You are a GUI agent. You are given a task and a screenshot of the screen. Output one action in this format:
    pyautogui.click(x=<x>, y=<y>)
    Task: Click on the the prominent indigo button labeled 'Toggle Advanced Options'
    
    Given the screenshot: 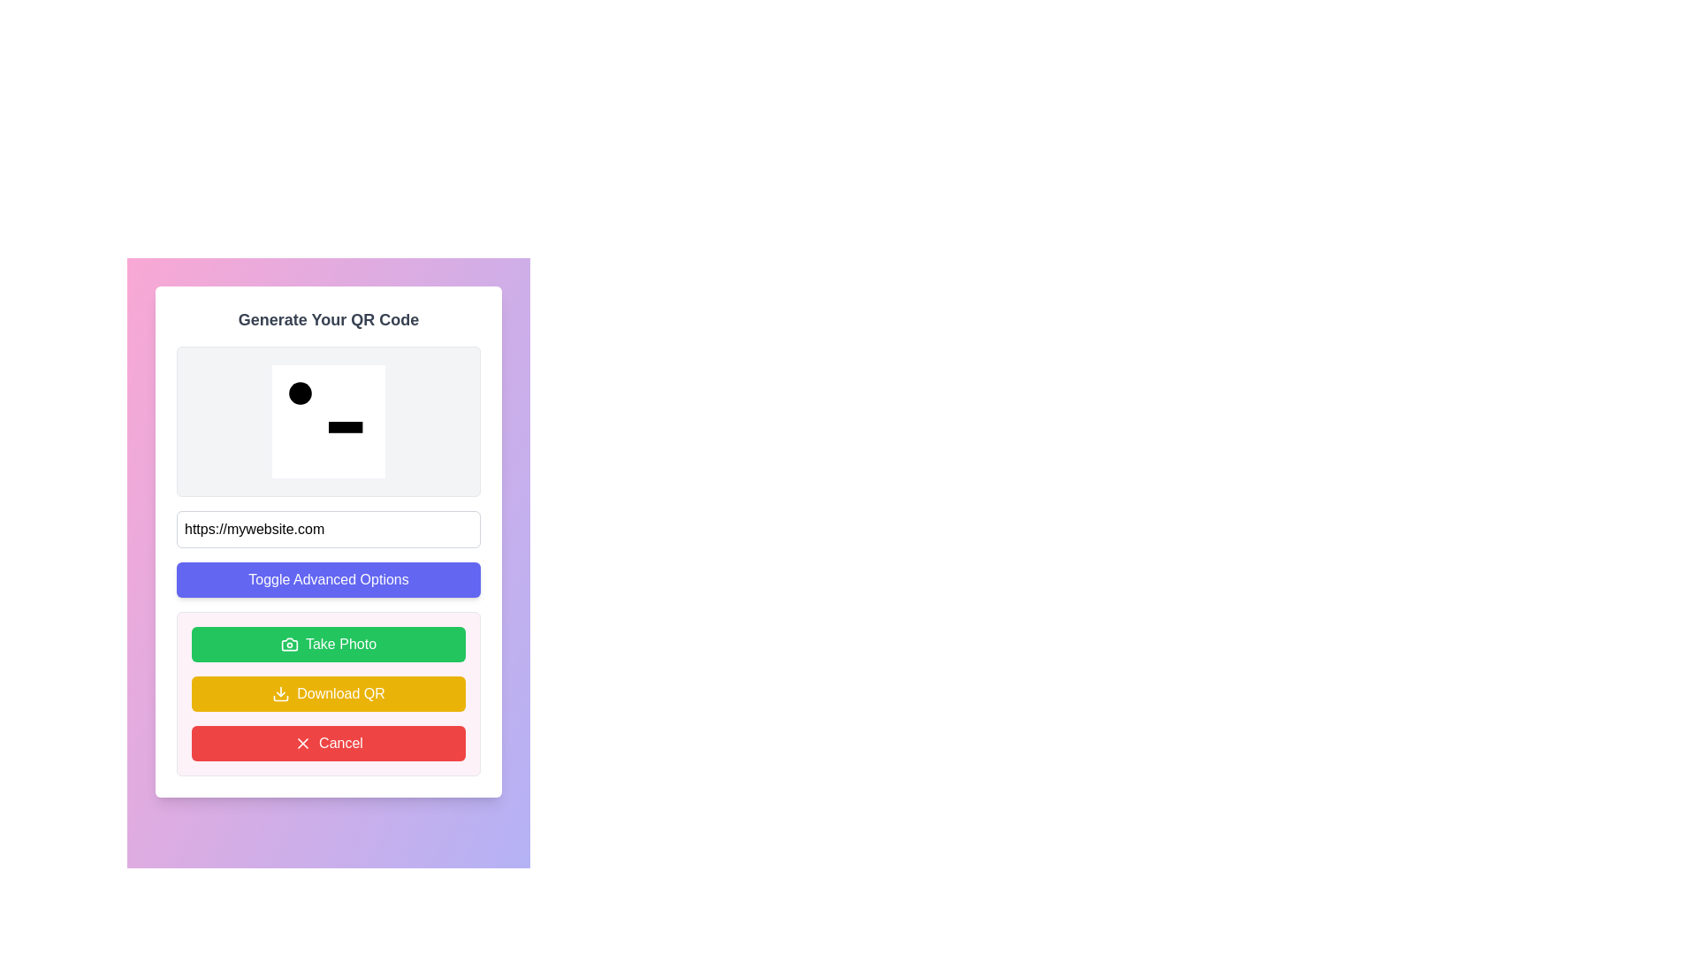 What is the action you would take?
    pyautogui.click(x=329, y=579)
    